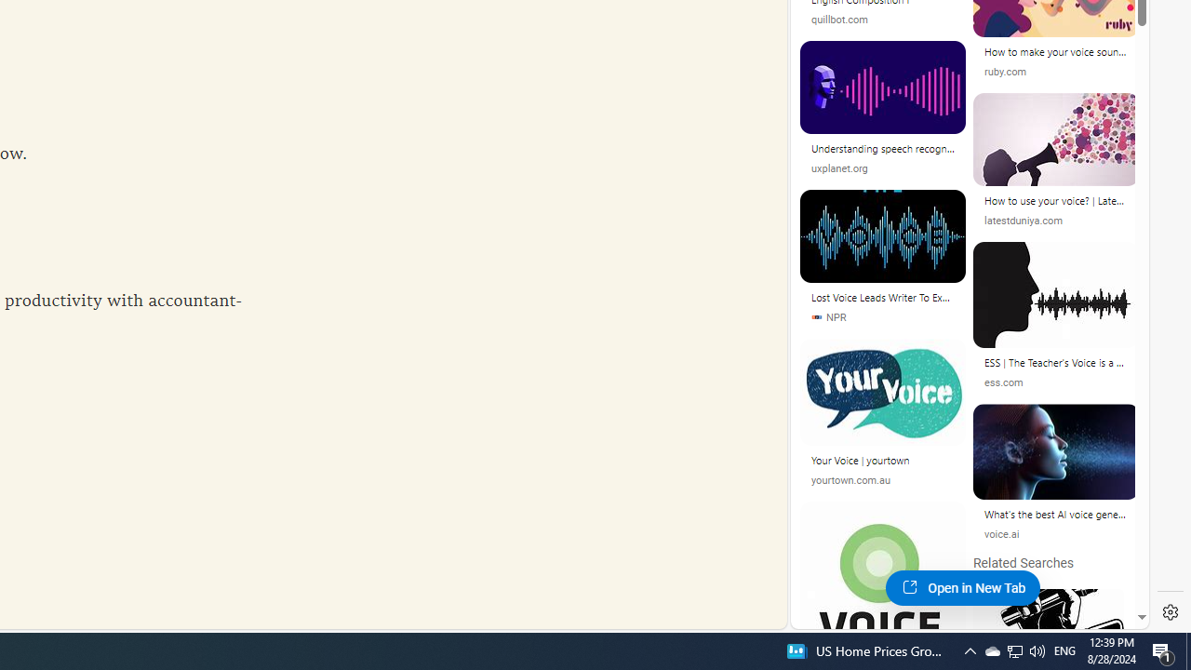 This screenshot has height=670, width=1191. I want to click on 'latestduniya.com', so click(1023, 220).